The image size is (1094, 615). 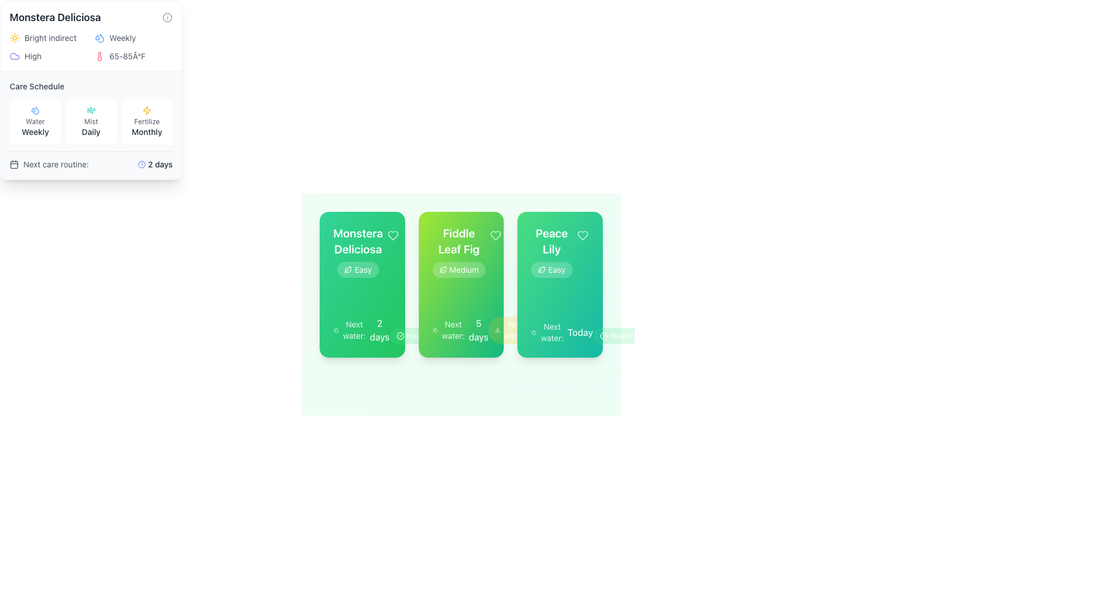 What do you see at coordinates (562, 332) in the screenshot?
I see `the Label with the text 'Next water: Today' and the water droplet icon, located in the third plant care card for 'Peace Lily'` at bounding box center [562, 332].